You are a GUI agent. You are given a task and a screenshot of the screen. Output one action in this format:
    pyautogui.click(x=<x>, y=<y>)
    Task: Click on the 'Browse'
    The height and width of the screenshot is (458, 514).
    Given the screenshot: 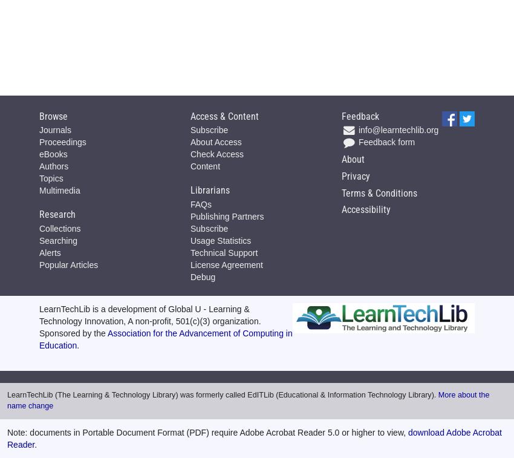 What is the action you would take?
    pyautogui.click(x=53, y=115)
    